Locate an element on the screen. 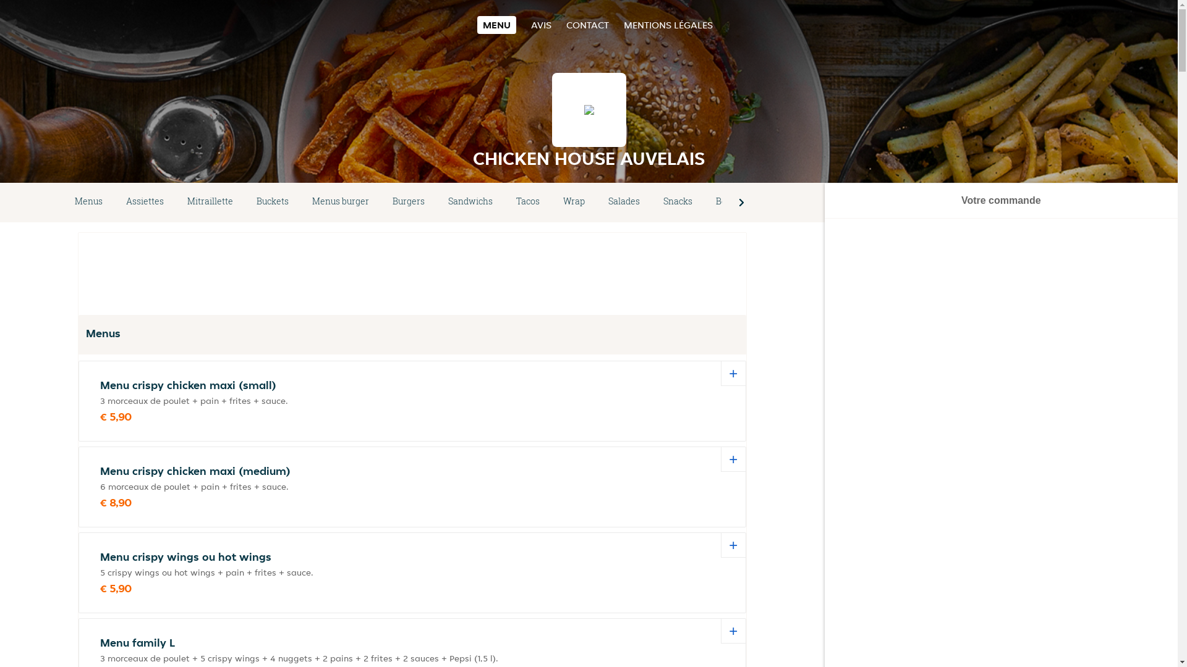 This screenshot has width=1187, height=667. 'CONTACT' is located at coordinates (587, 25).